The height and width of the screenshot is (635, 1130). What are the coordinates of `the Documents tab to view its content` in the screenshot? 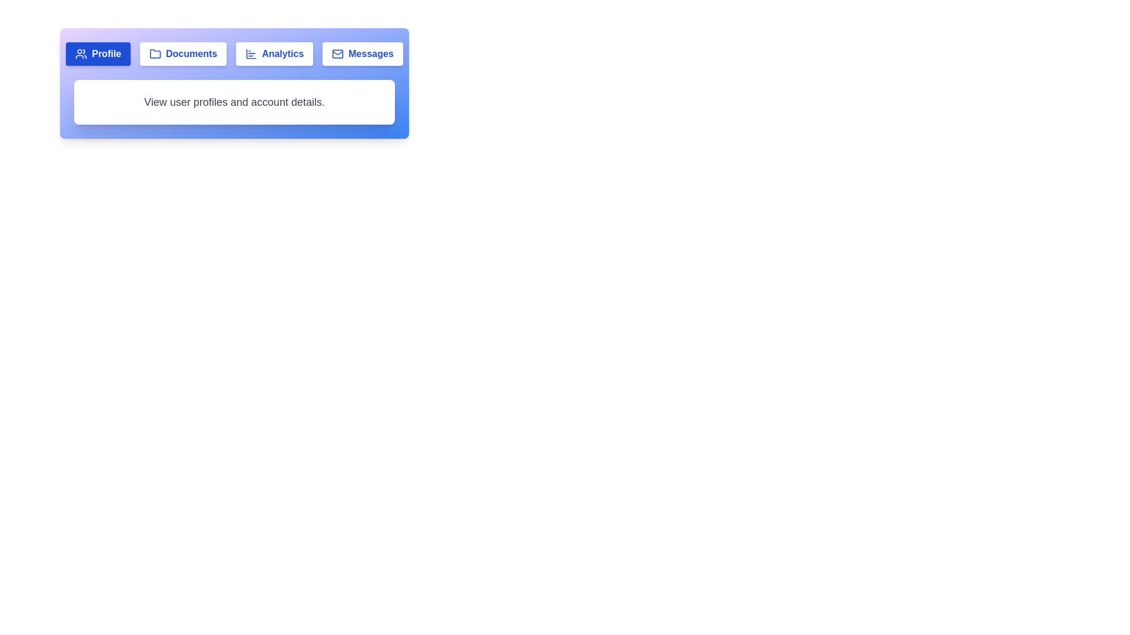 It's located at (182, 54).